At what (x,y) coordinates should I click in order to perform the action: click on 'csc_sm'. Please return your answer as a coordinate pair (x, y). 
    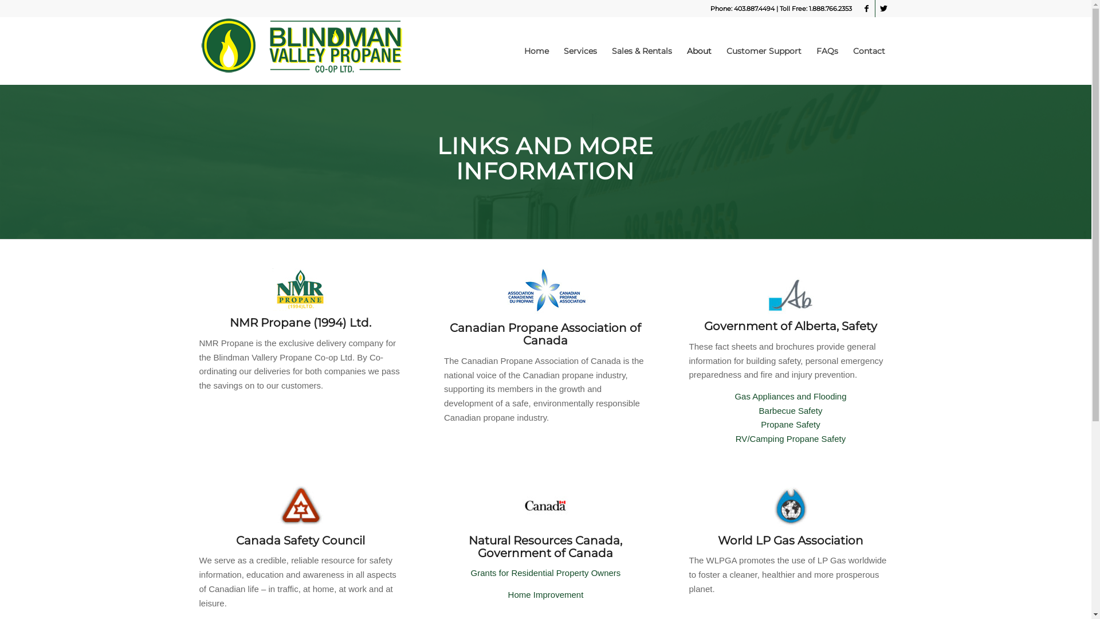
    Looking at the image, I should click on (300, 505).